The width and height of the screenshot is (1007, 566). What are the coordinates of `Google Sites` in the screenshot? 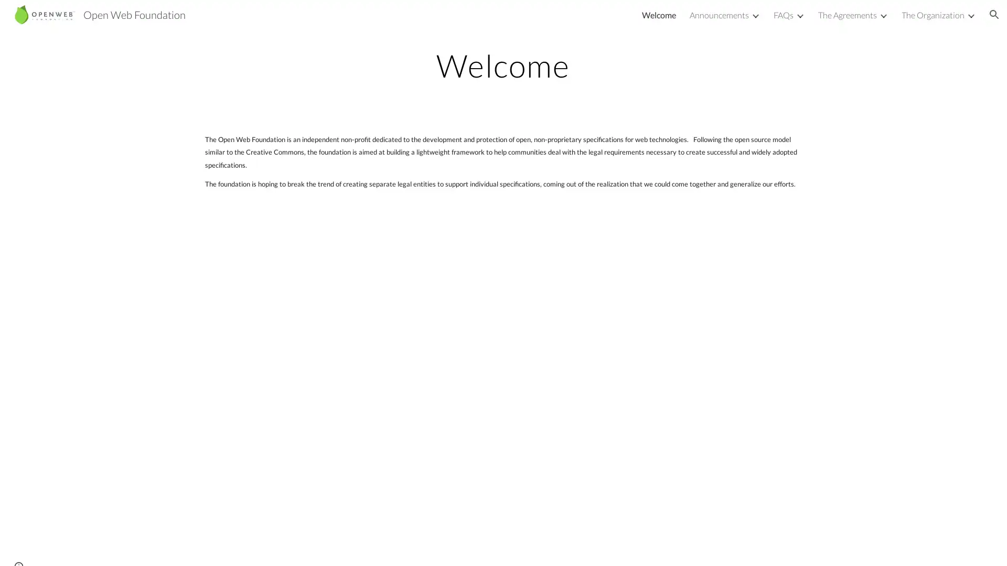 It's located at (81, 547).